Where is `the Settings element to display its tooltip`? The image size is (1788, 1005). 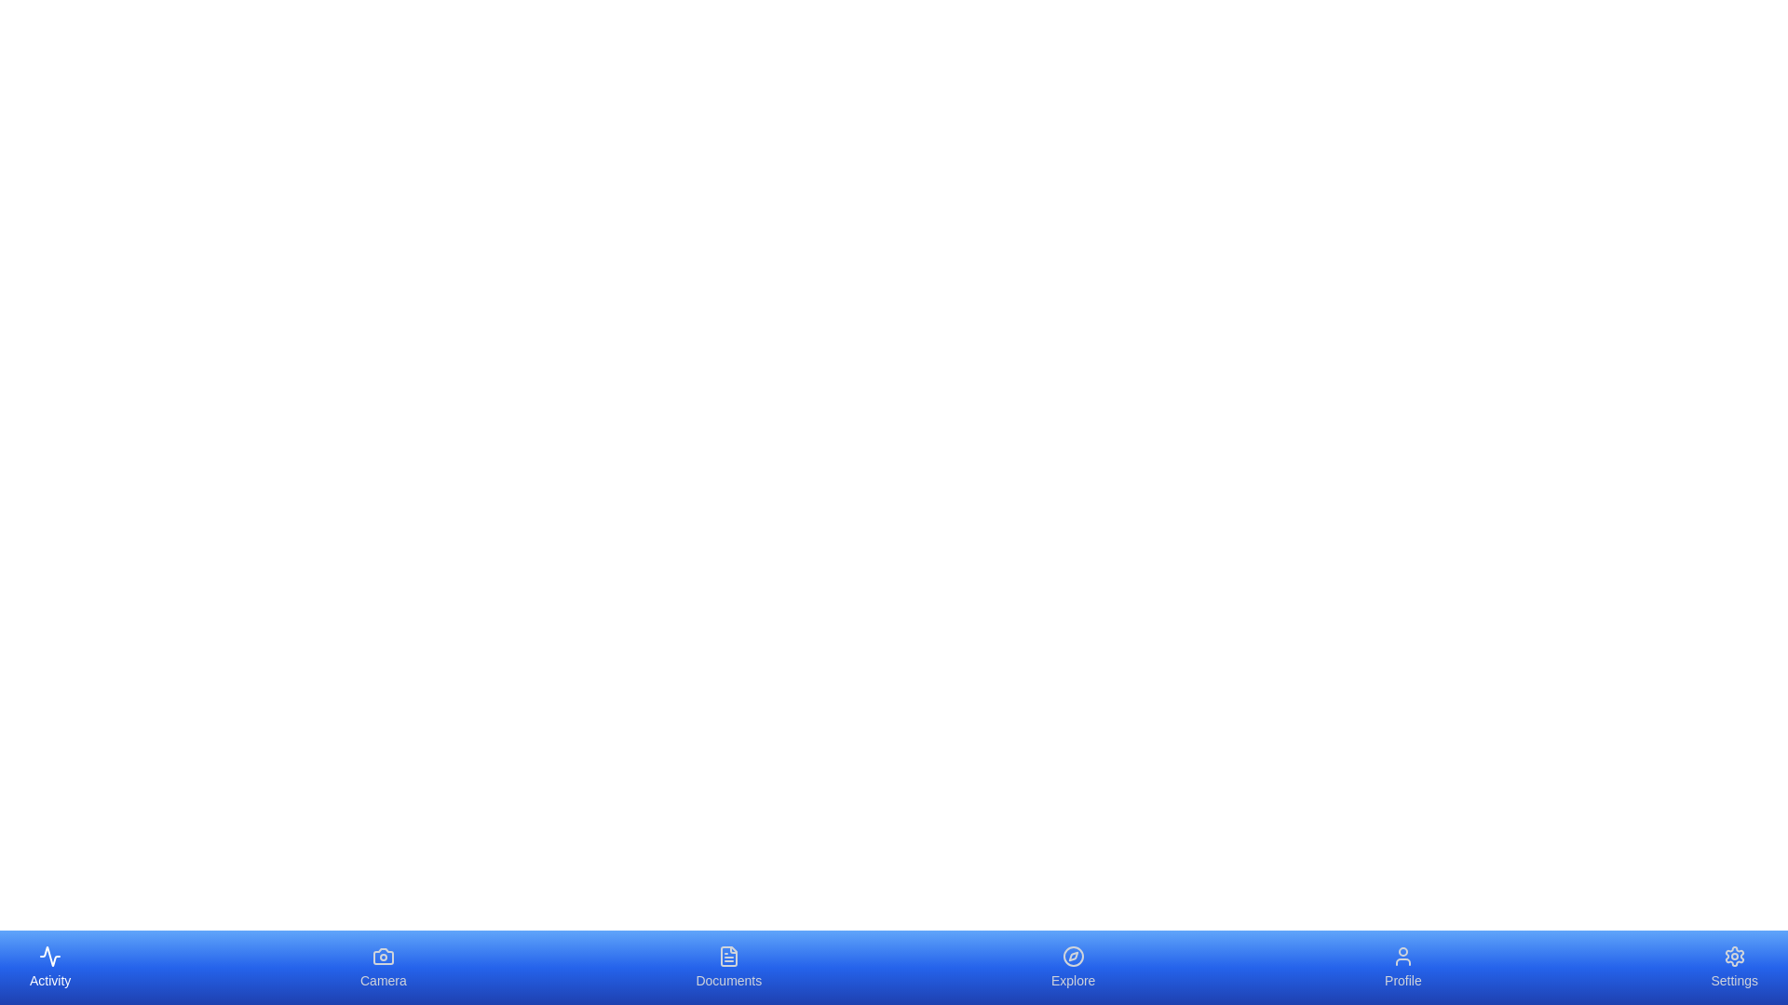 the Settings element to display its tooltip is located at coordinates (1733, 967).